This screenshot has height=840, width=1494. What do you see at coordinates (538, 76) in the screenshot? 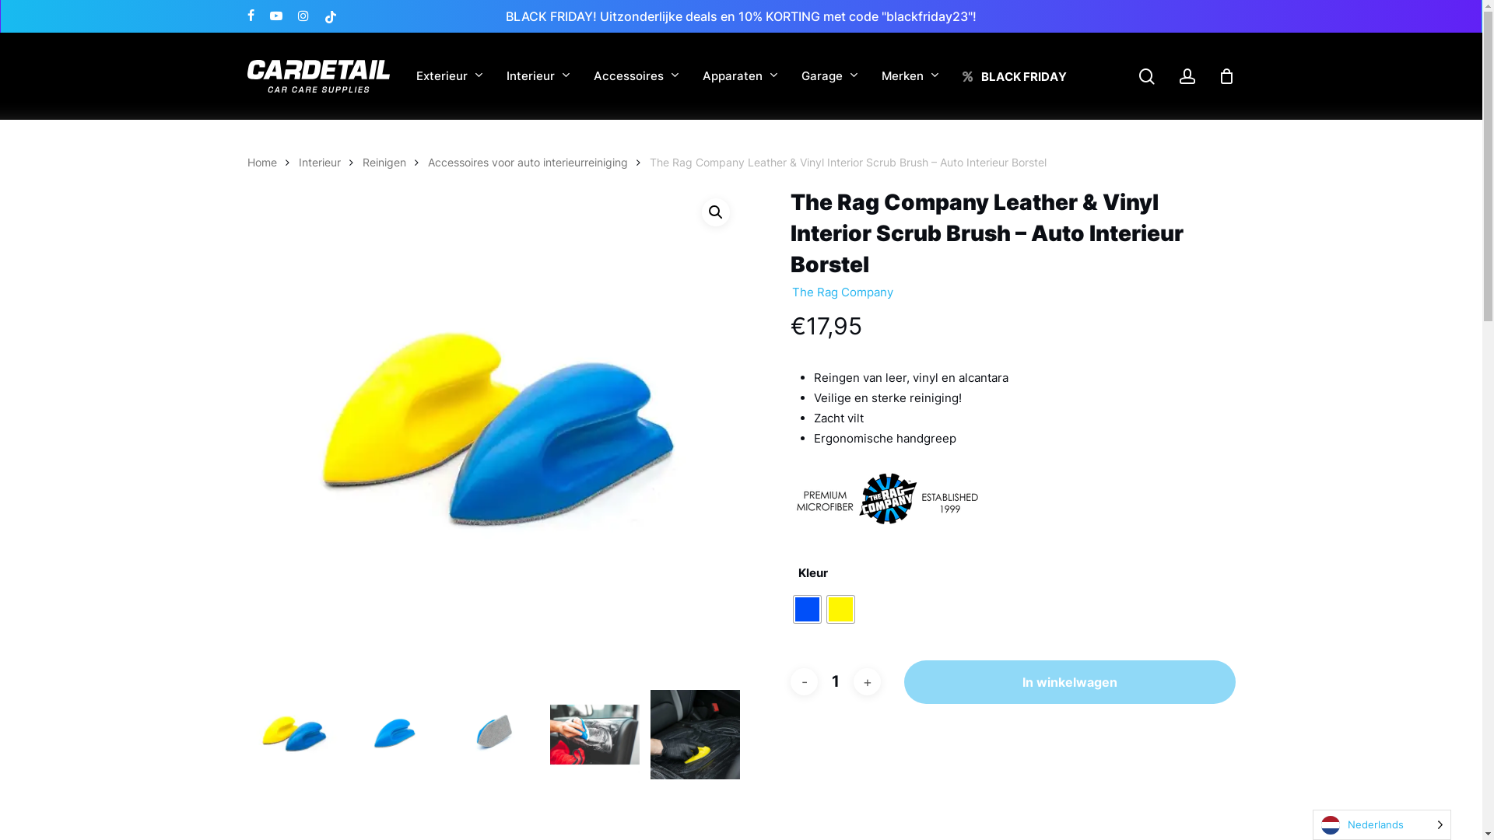
I see `'Interieur'` at bounding box center [538, 76].